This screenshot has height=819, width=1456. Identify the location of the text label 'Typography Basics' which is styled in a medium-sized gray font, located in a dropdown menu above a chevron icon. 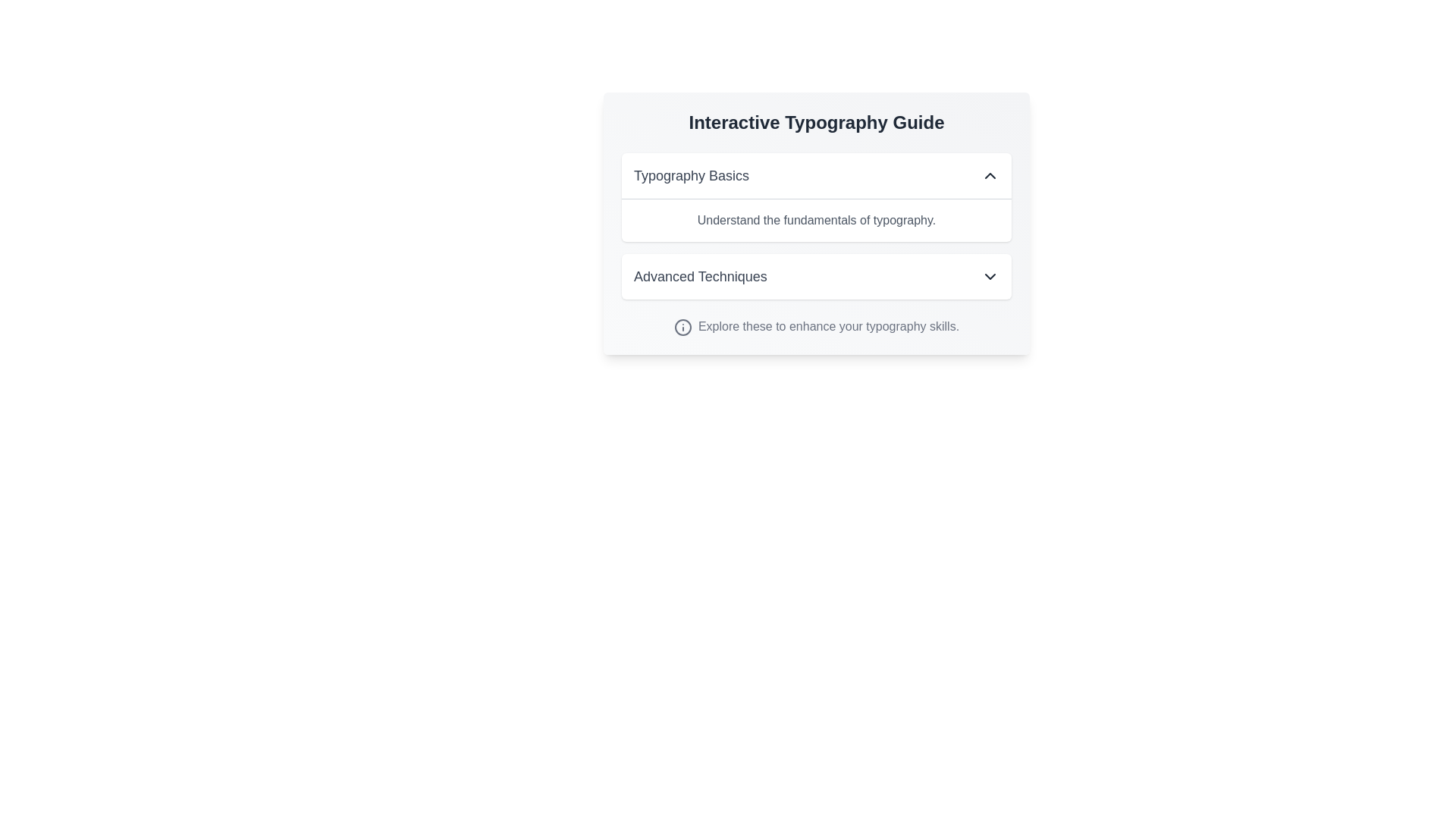
(691, 174).